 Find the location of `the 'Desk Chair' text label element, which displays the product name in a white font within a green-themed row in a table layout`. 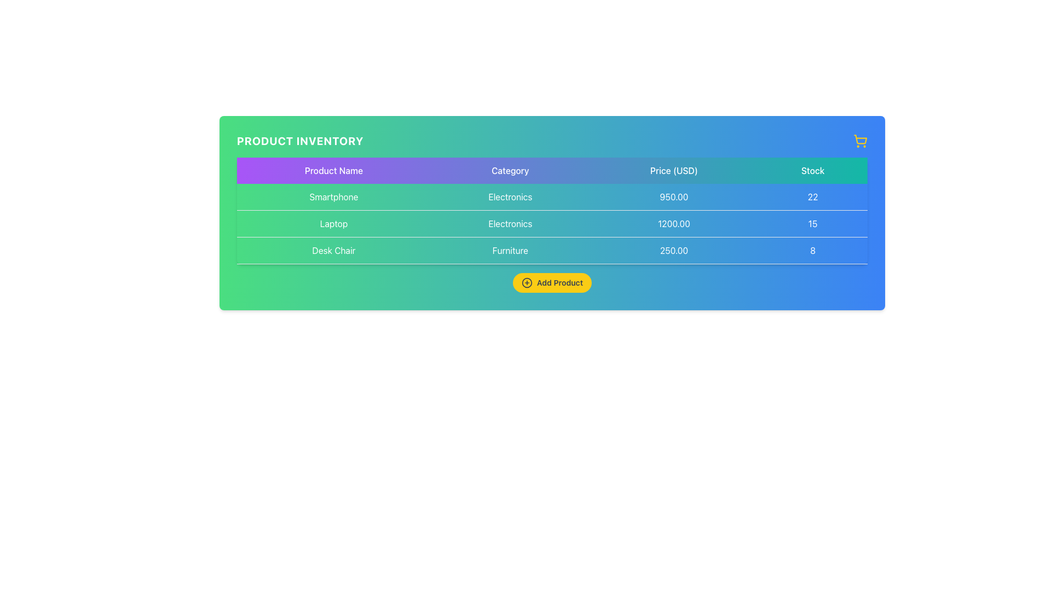

the 'Desk Chair' text label element, which displays the product name in a white font within a green-themed row in a table layout is located at coordinates (333, 251).